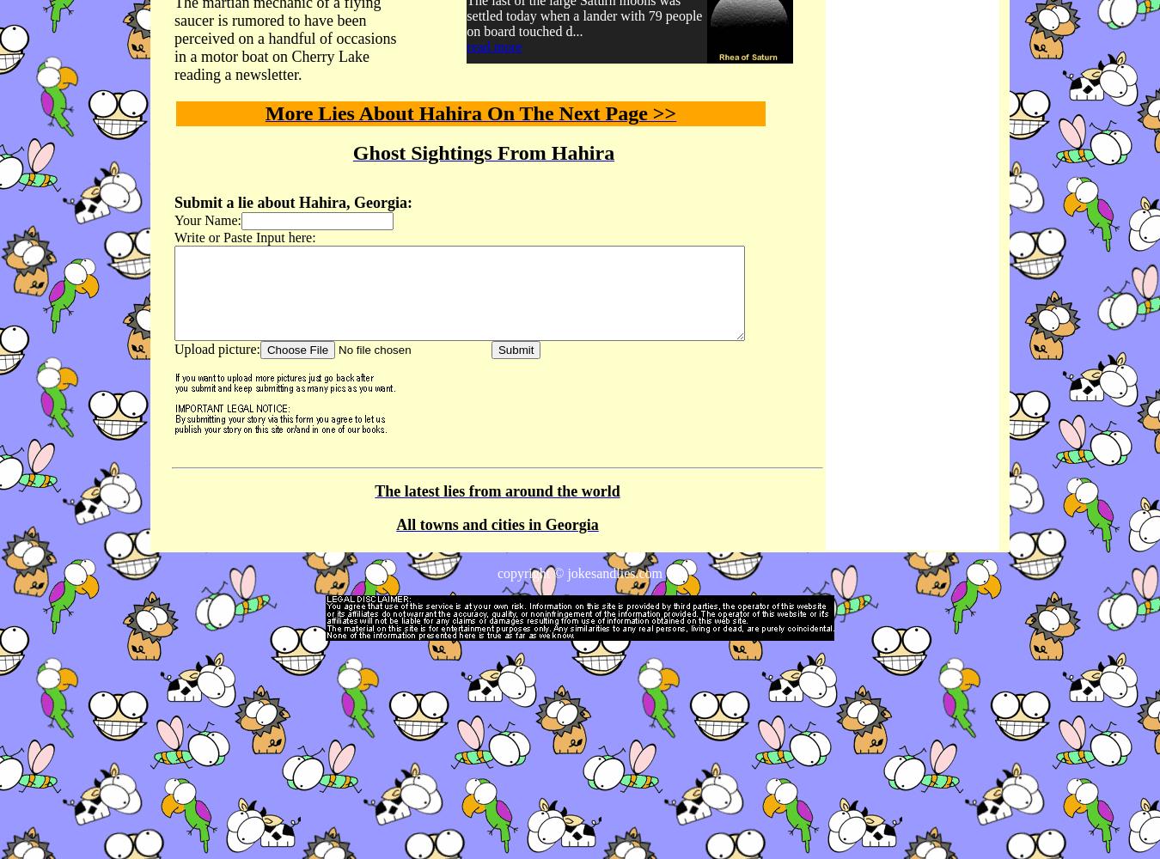 This screenshot has width=1160, height=859. What do you see at coordinates (493, 46) in the screenshot?
I see `'read more'` at bounding box center [493, 46].